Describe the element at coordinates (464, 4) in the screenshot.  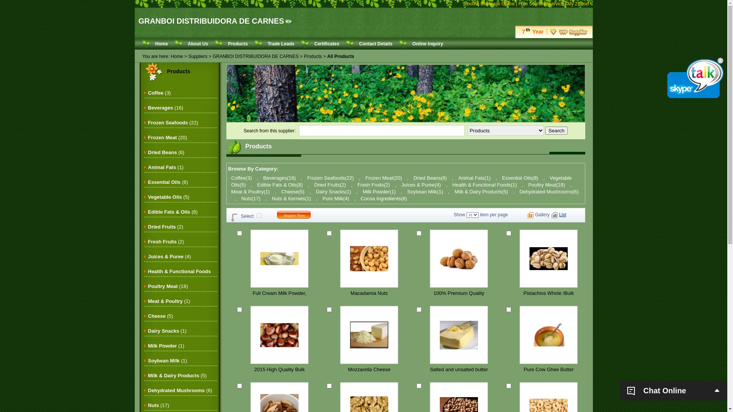
I see `'Food & Beverage Online'` at that location.